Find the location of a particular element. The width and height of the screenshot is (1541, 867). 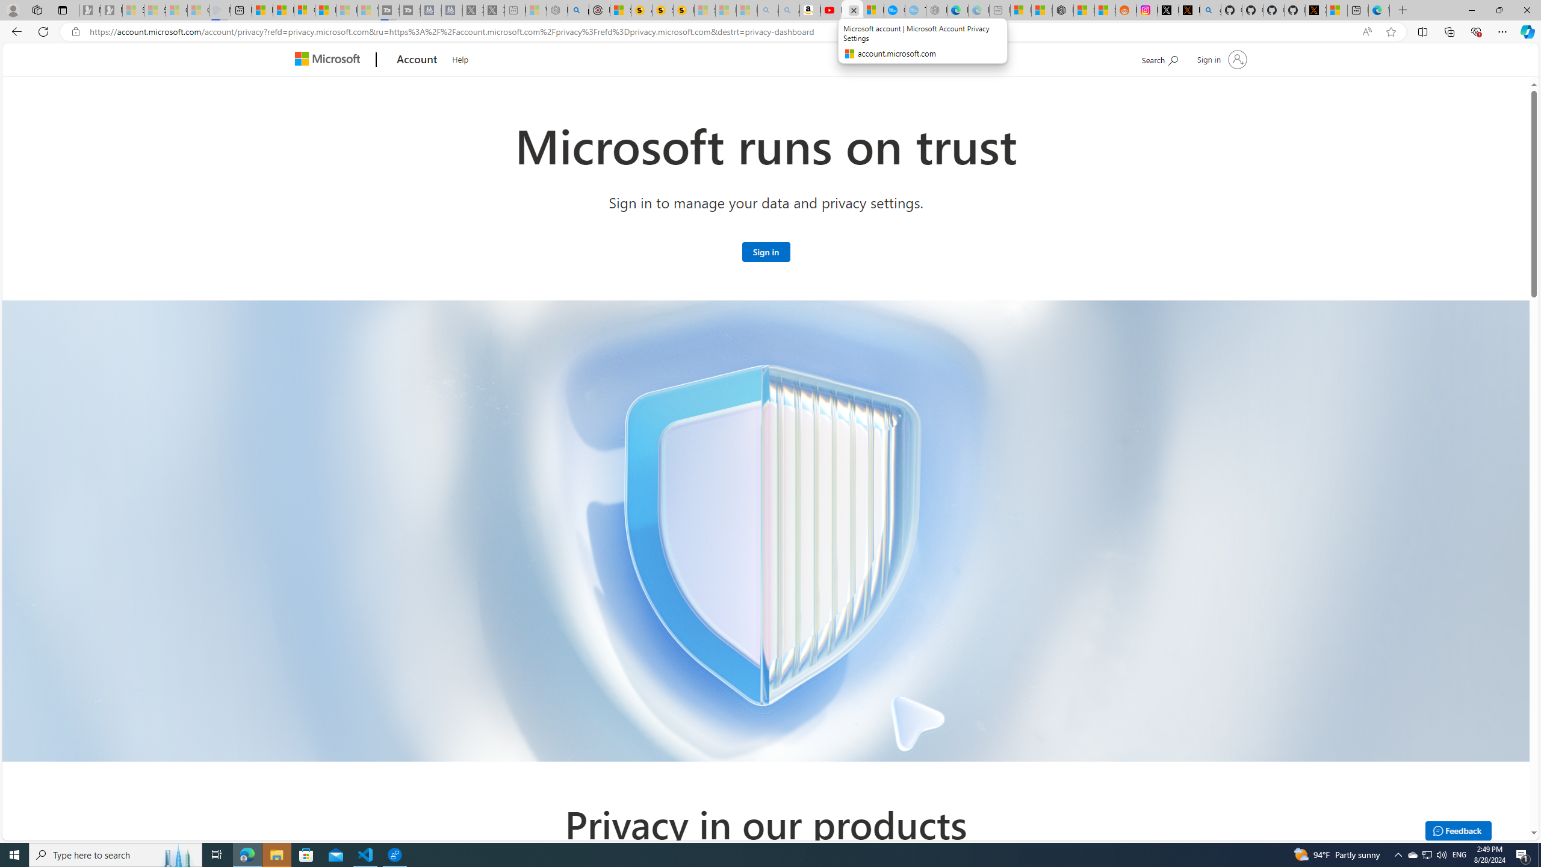

'Help' is located at coordinates (459, 57).